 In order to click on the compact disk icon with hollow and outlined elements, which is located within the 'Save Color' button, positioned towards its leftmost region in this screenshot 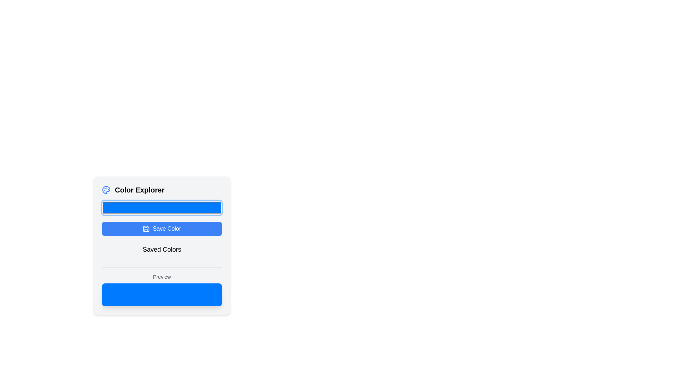, I will do `click(146, 229)`.